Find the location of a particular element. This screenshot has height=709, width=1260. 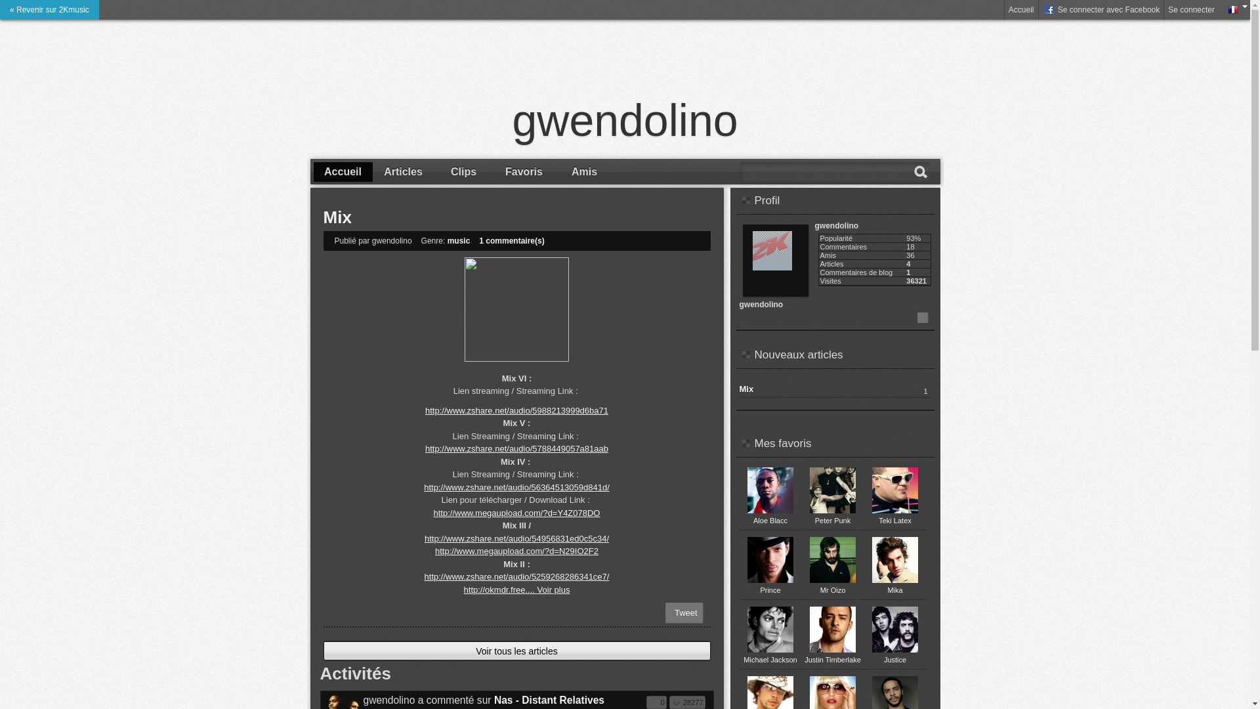

'http://www.zshare.net/audio/56364513059d841d/' is located at coordinates (516, 486).